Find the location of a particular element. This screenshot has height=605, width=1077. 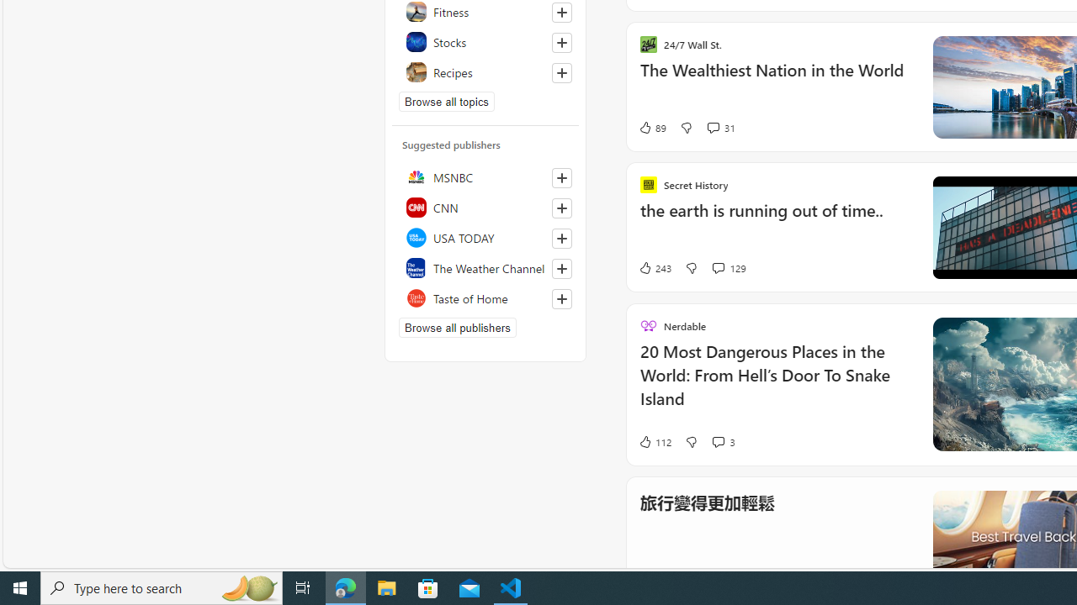

'View comments 3 Comment' is located at coordinates (723, 440).